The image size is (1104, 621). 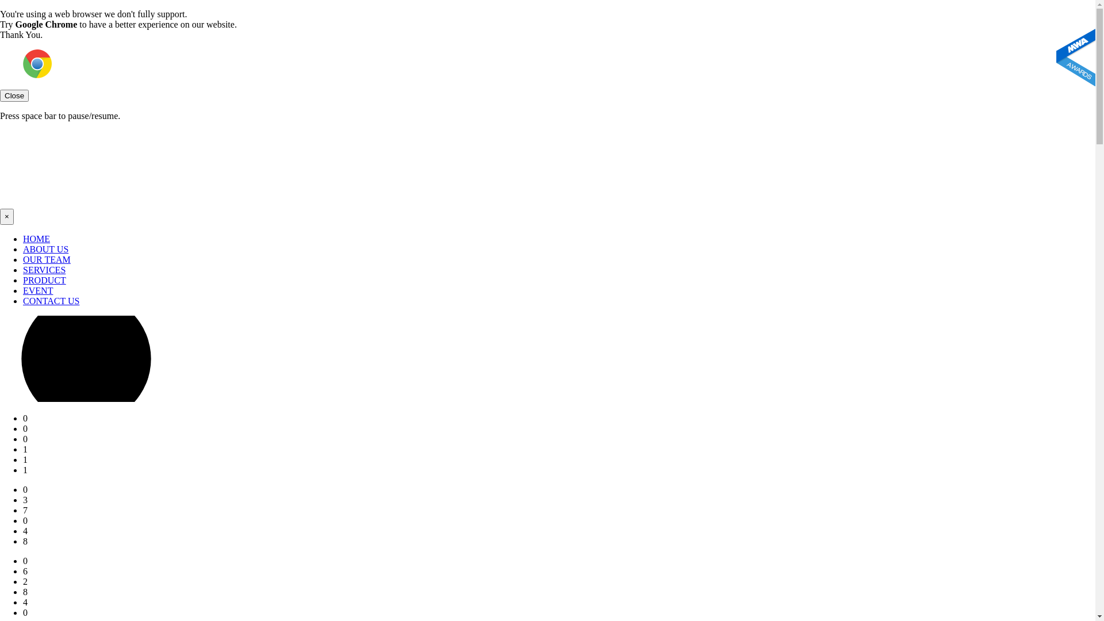 I want to click on 'EVENT', so click(x=38, y=290).